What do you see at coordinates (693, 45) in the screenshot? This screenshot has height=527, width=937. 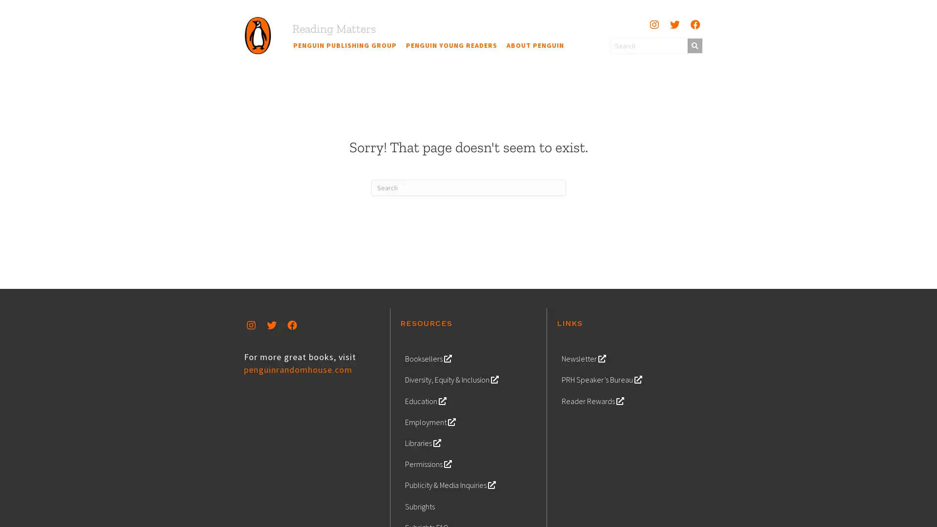 I see `Search` at bounding box center [693, 45].